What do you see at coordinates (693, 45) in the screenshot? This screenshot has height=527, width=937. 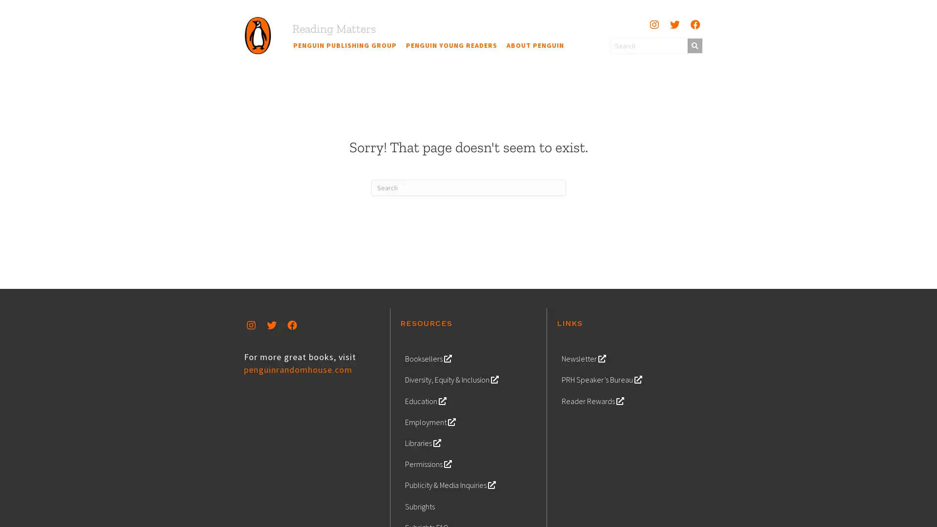 I see `Search` at bounding box center [693, 45].